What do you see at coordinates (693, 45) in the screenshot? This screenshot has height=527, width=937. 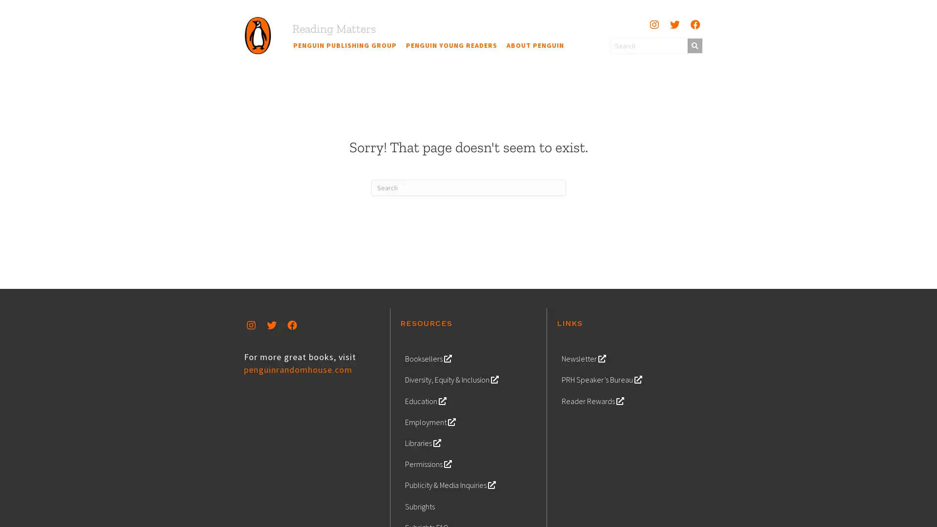 I see `Search` at bounding box center [693, 45].